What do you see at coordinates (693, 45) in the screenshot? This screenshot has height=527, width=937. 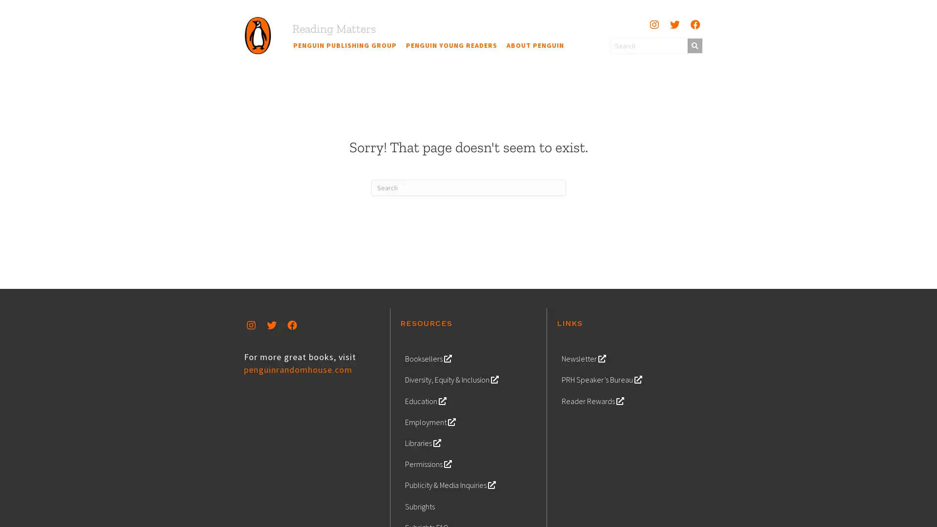 I see `Search` at bounding box center [693, 45].